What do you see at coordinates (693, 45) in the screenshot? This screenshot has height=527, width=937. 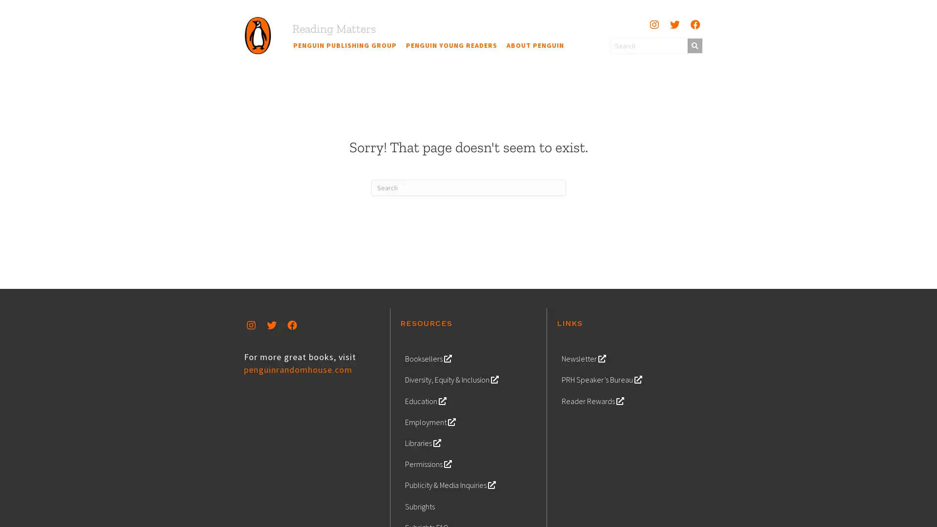 I see `Search` at bounding box center [693, 45].